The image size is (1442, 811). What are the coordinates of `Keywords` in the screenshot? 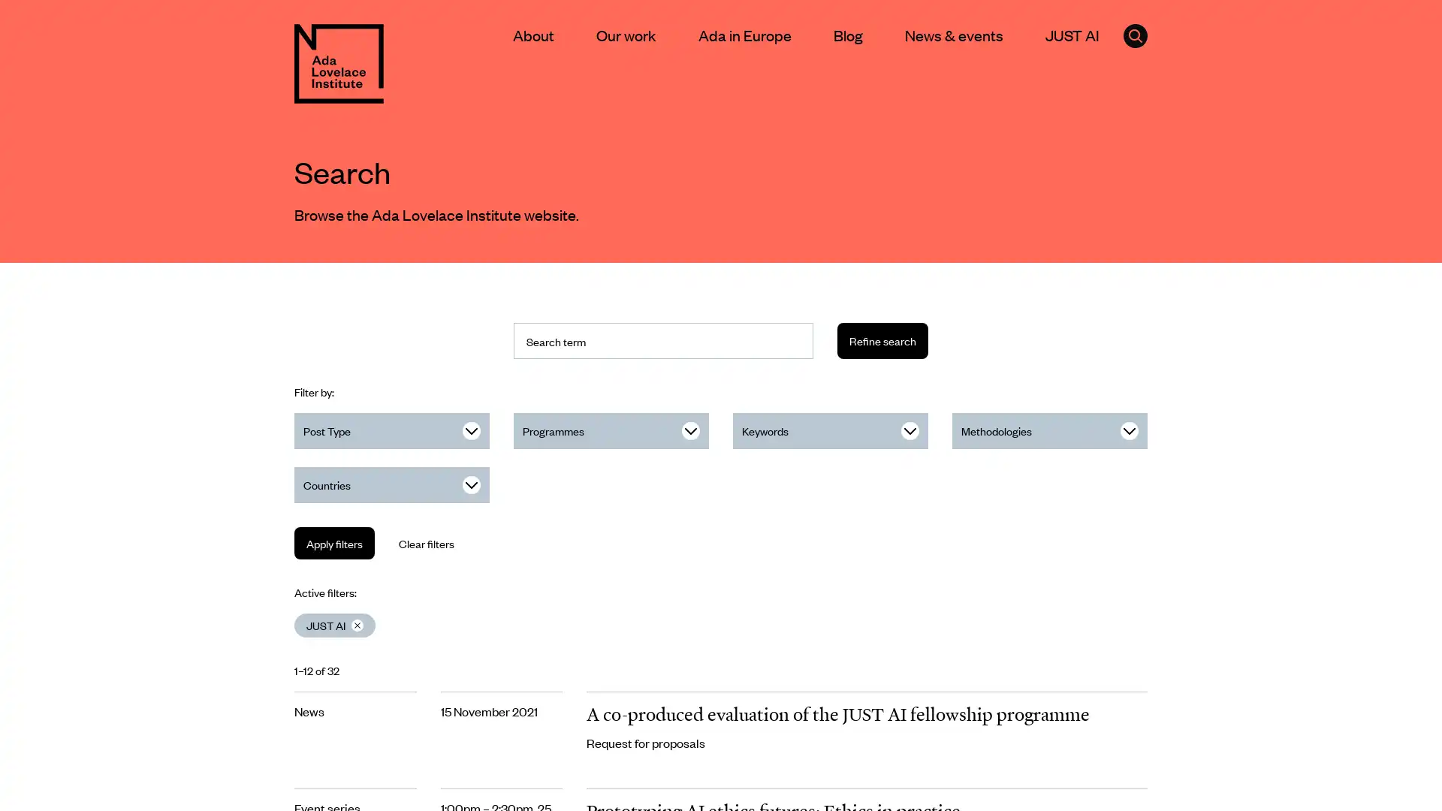 It's located at (829, 431).